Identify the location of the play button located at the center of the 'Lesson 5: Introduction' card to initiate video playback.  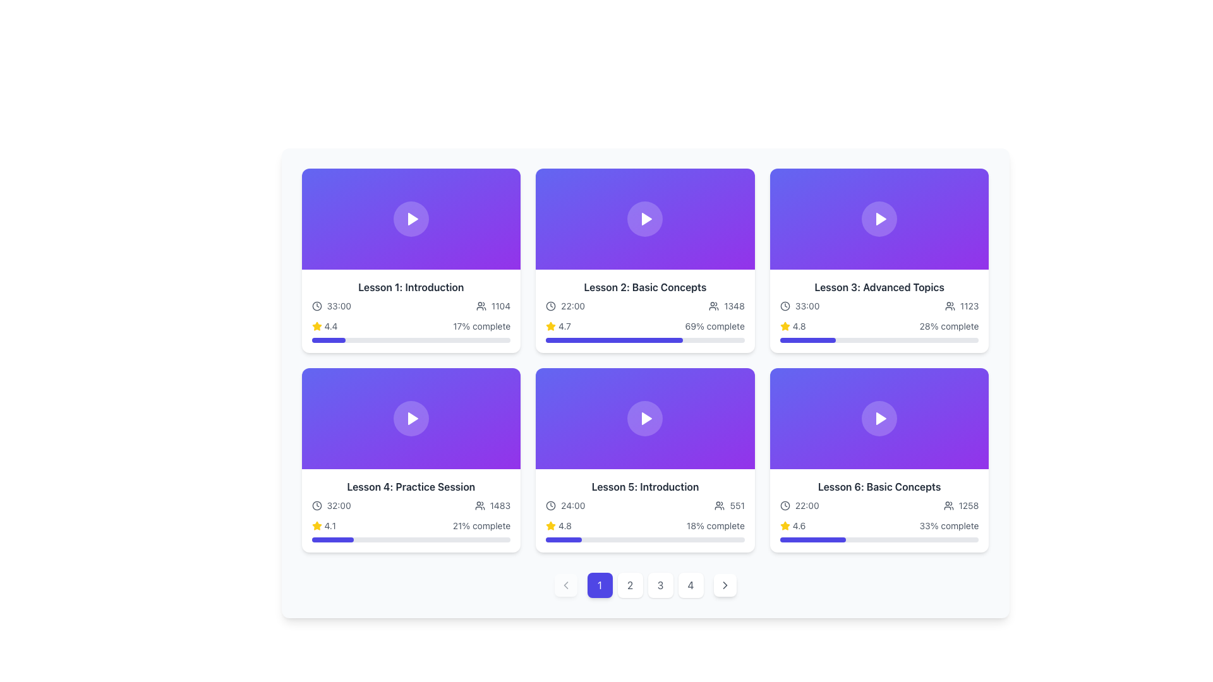
(645, 419).